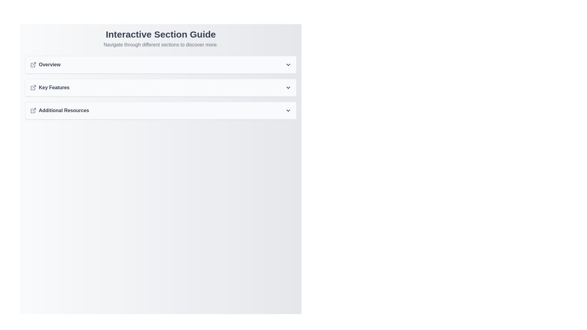 Image resolution: width=587 pixels, height=330 pixels. Describe the element at coordinates (33, 111) in the screenshot. I see `the external link icon located in the top-left section of the 'Additional Resources' item, which is the first icon directly to the left of the text label` at that location.